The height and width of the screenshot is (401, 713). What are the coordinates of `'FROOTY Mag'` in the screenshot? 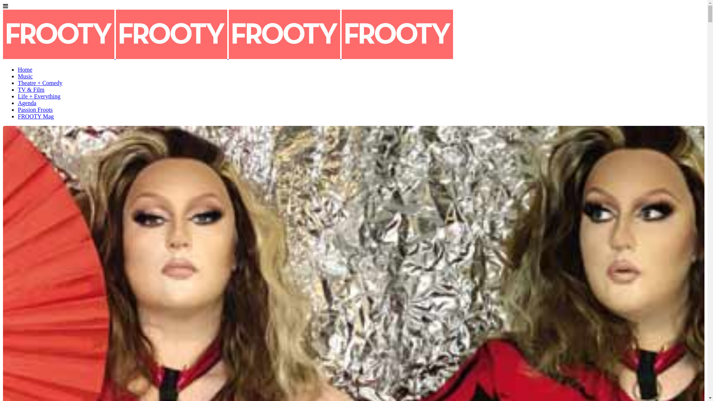 It's located at (35, 116).